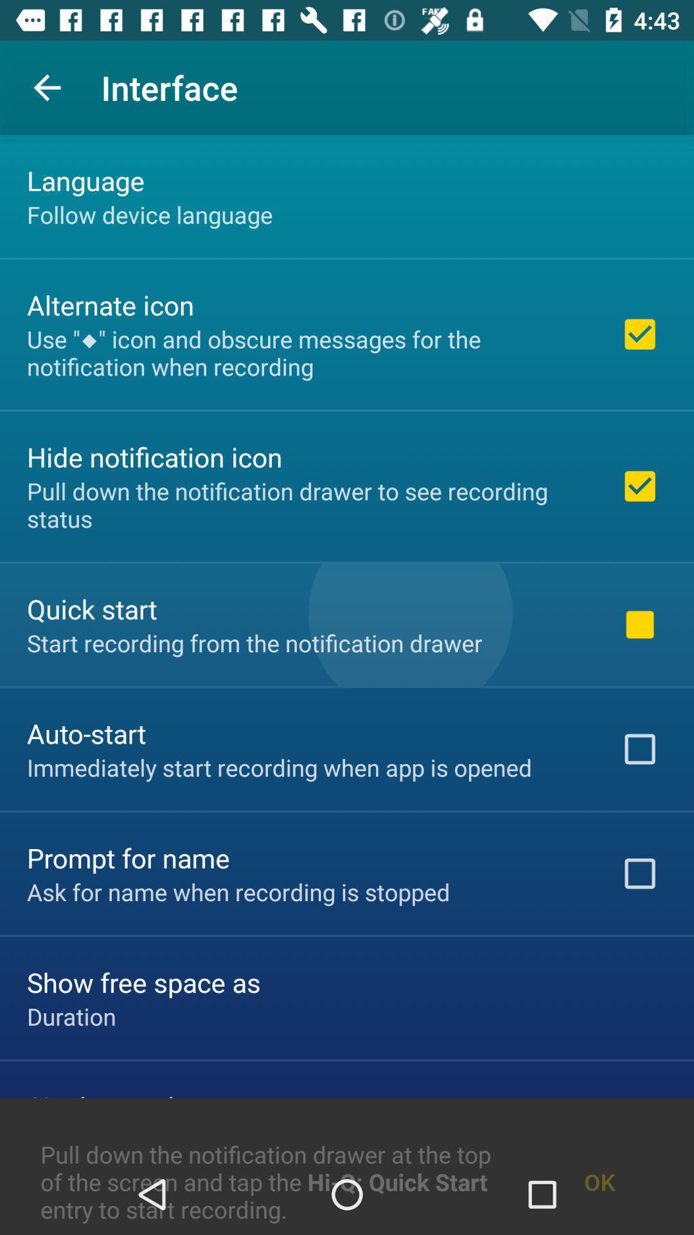 The width and height of the screenshot is (694, 1235). Describe the element at coordinates (143, 981) in the screenshot. I see `show free space item` at that location.